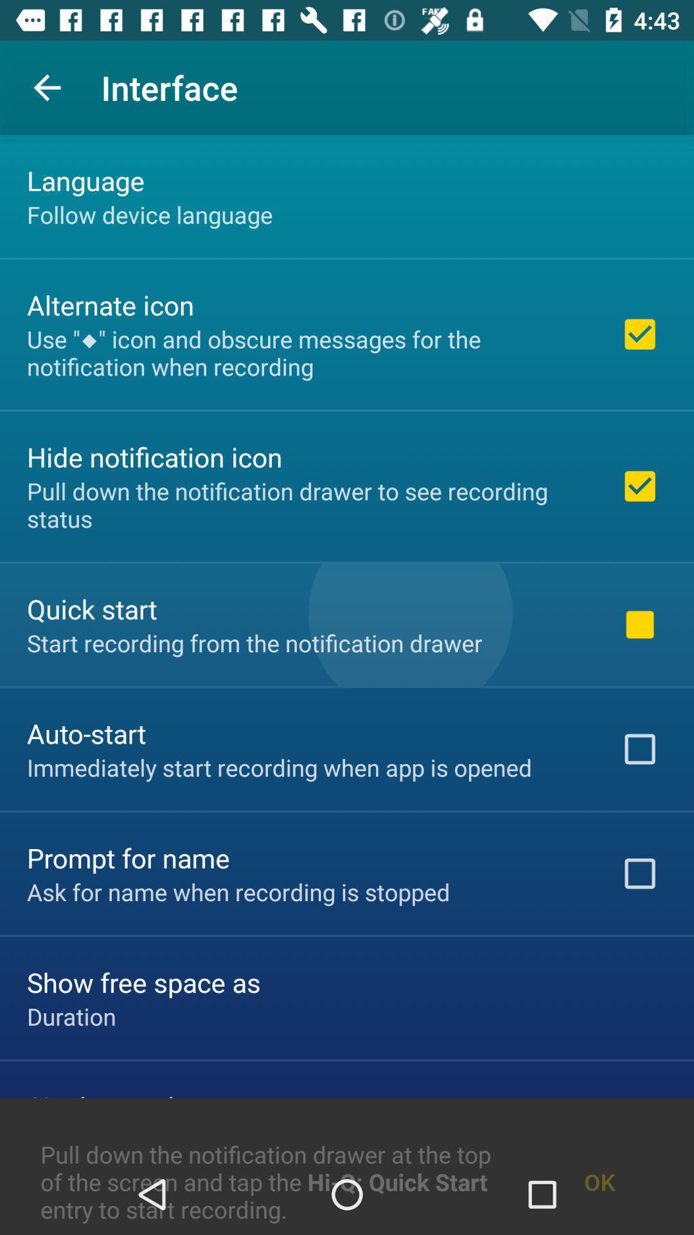 The width and height of the screenshot is (694, 1235). Describe the element at coordinates (143, 981) in the screenshot. I see `show free space item` at that location.